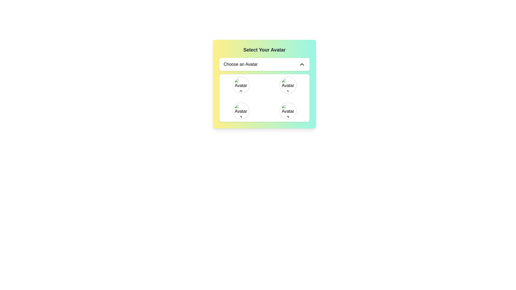 This screenshot has height=290, width=516. What do you see at coordinates (288, 85) in the screenshot?
I see `the circular avatar icon with a gray border labeled 'Avatar' and the number '1'` at bounding box center [288, 85].